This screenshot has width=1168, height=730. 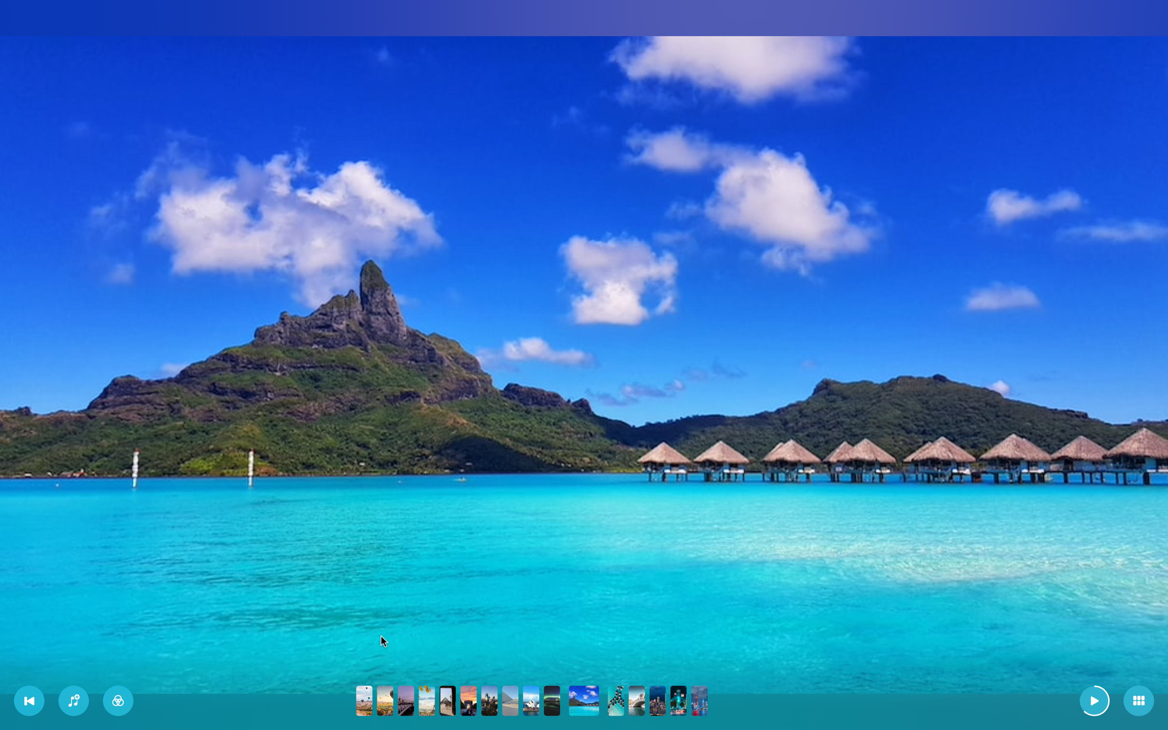 What do you see at coordinates (118, 700) in the screenshot?
I see `the first option from the drop-down in the filter box` at bounding box center [118, 700].